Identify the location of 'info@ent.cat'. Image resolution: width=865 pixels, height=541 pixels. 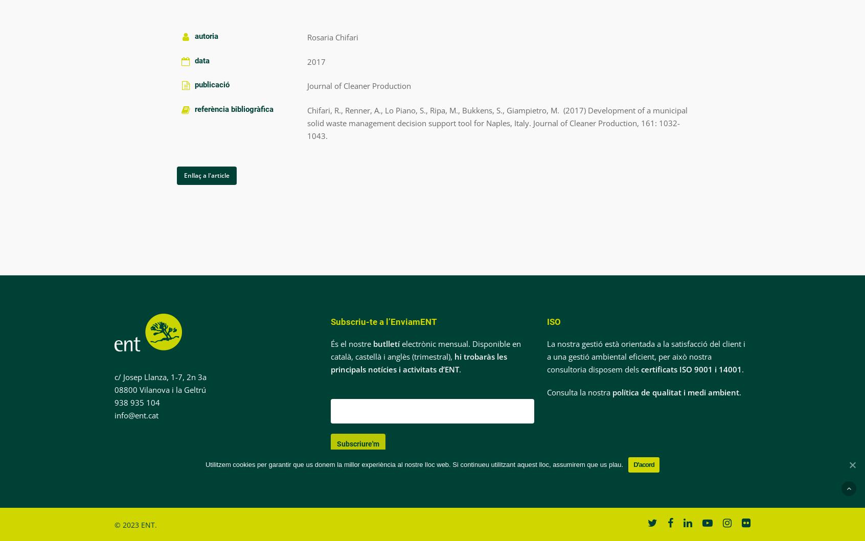
(135, 414).